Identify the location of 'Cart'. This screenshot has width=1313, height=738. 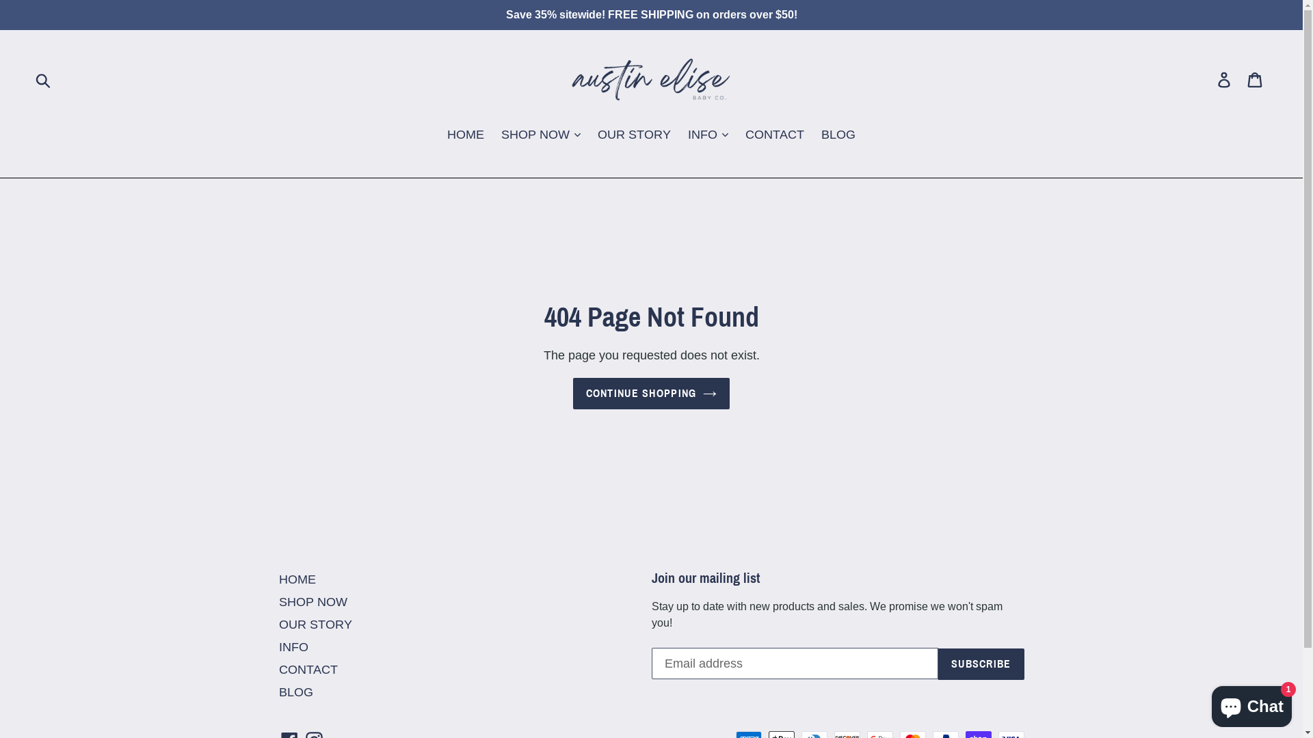
(1256, 79).